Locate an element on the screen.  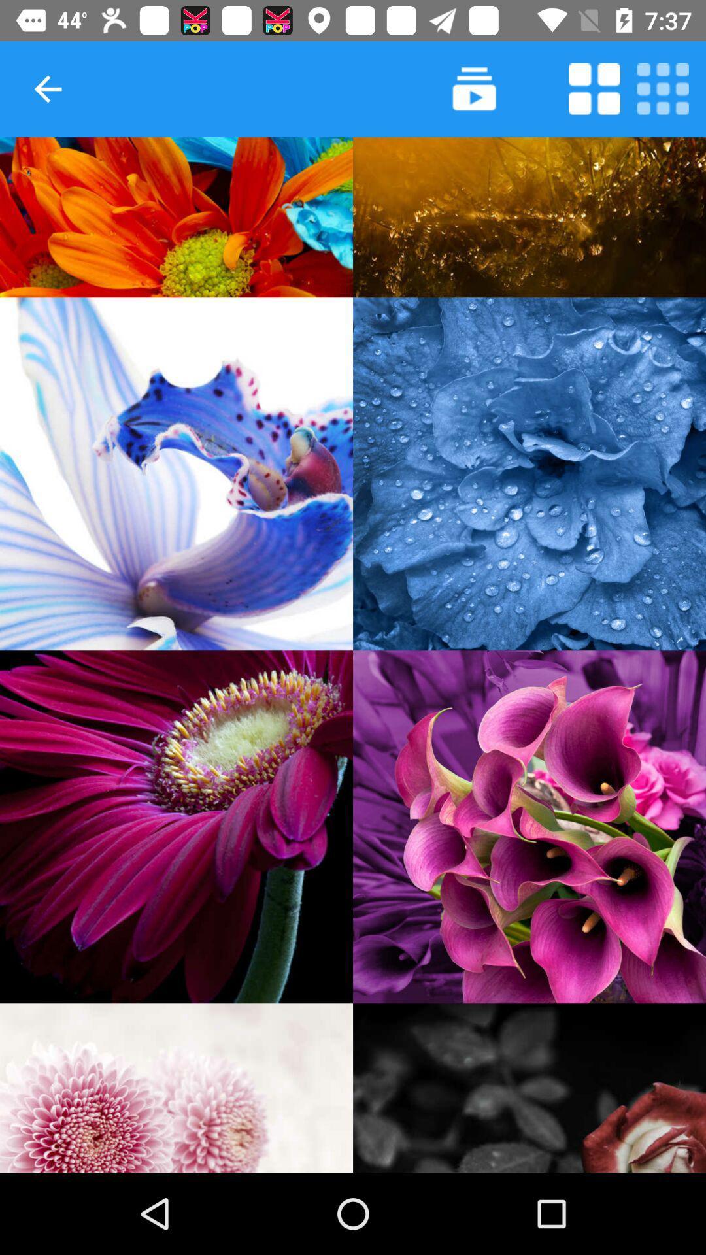
video is located at coordinates (474, 88).